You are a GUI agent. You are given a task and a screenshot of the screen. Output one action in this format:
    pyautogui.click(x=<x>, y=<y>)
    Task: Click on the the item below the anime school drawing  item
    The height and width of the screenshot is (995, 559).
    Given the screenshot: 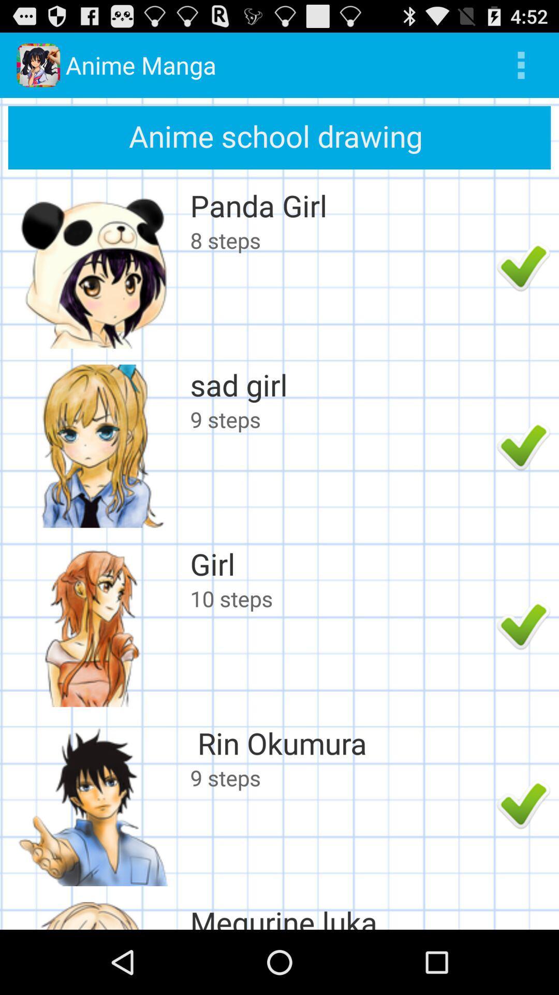 What is the action you would take?
    pyautogui.click(x=341, y=205)
    